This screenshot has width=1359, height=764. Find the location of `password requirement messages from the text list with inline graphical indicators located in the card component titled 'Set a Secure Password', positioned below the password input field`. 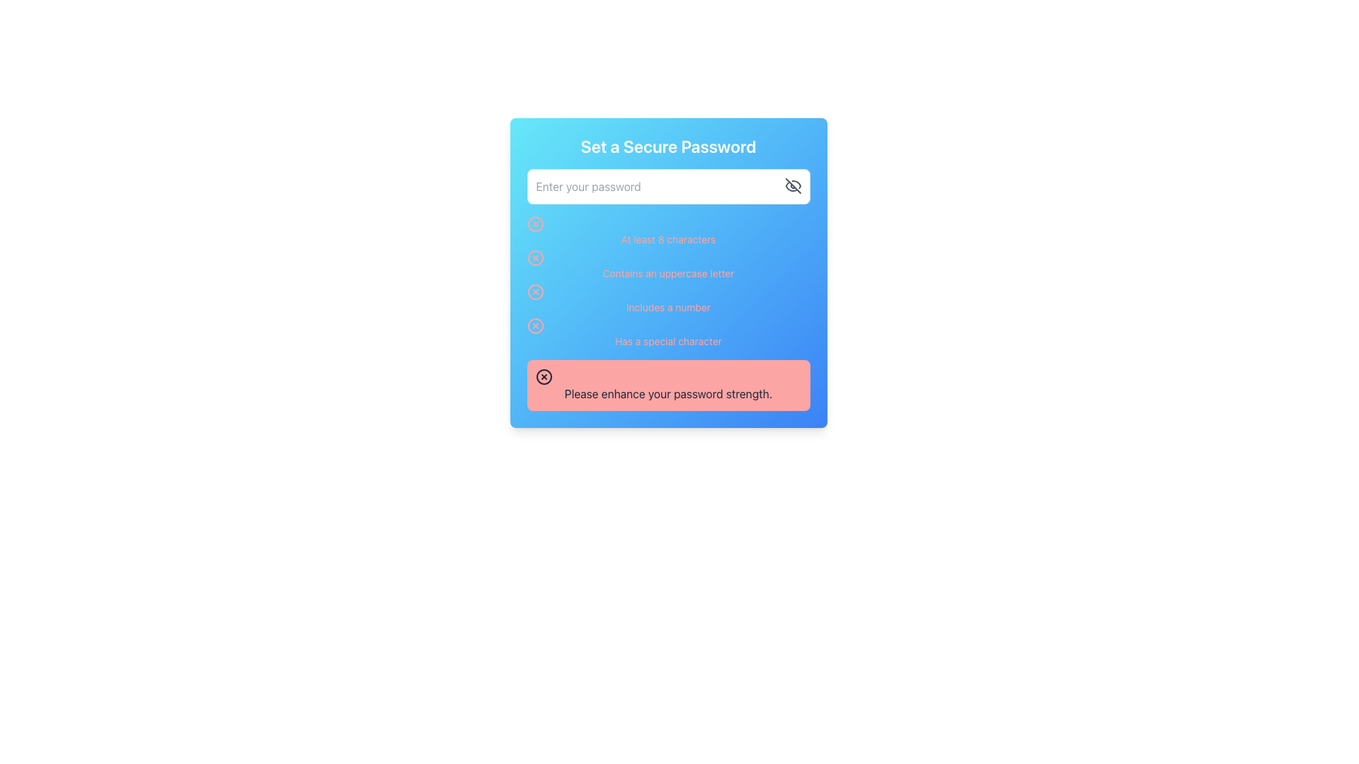

password requirement messages from the text list with inline graphical indicators located in the card component titled 'Set a Secure Password', positioned below the password input field is located at coordinates (667, 282).